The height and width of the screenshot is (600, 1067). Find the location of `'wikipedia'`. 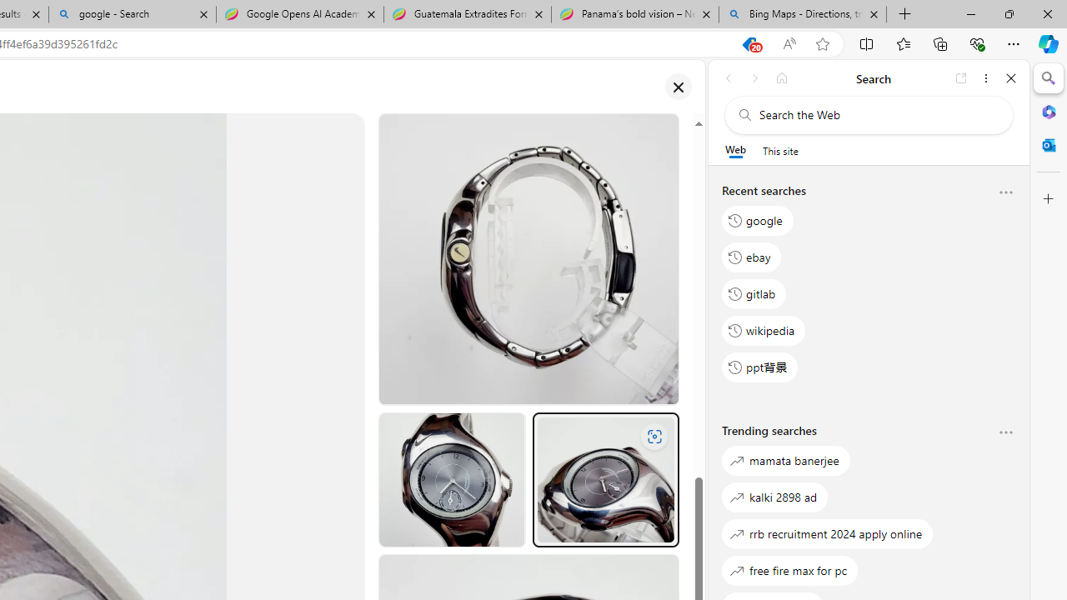

'wikipedia' is located at coordinates (763, 330).